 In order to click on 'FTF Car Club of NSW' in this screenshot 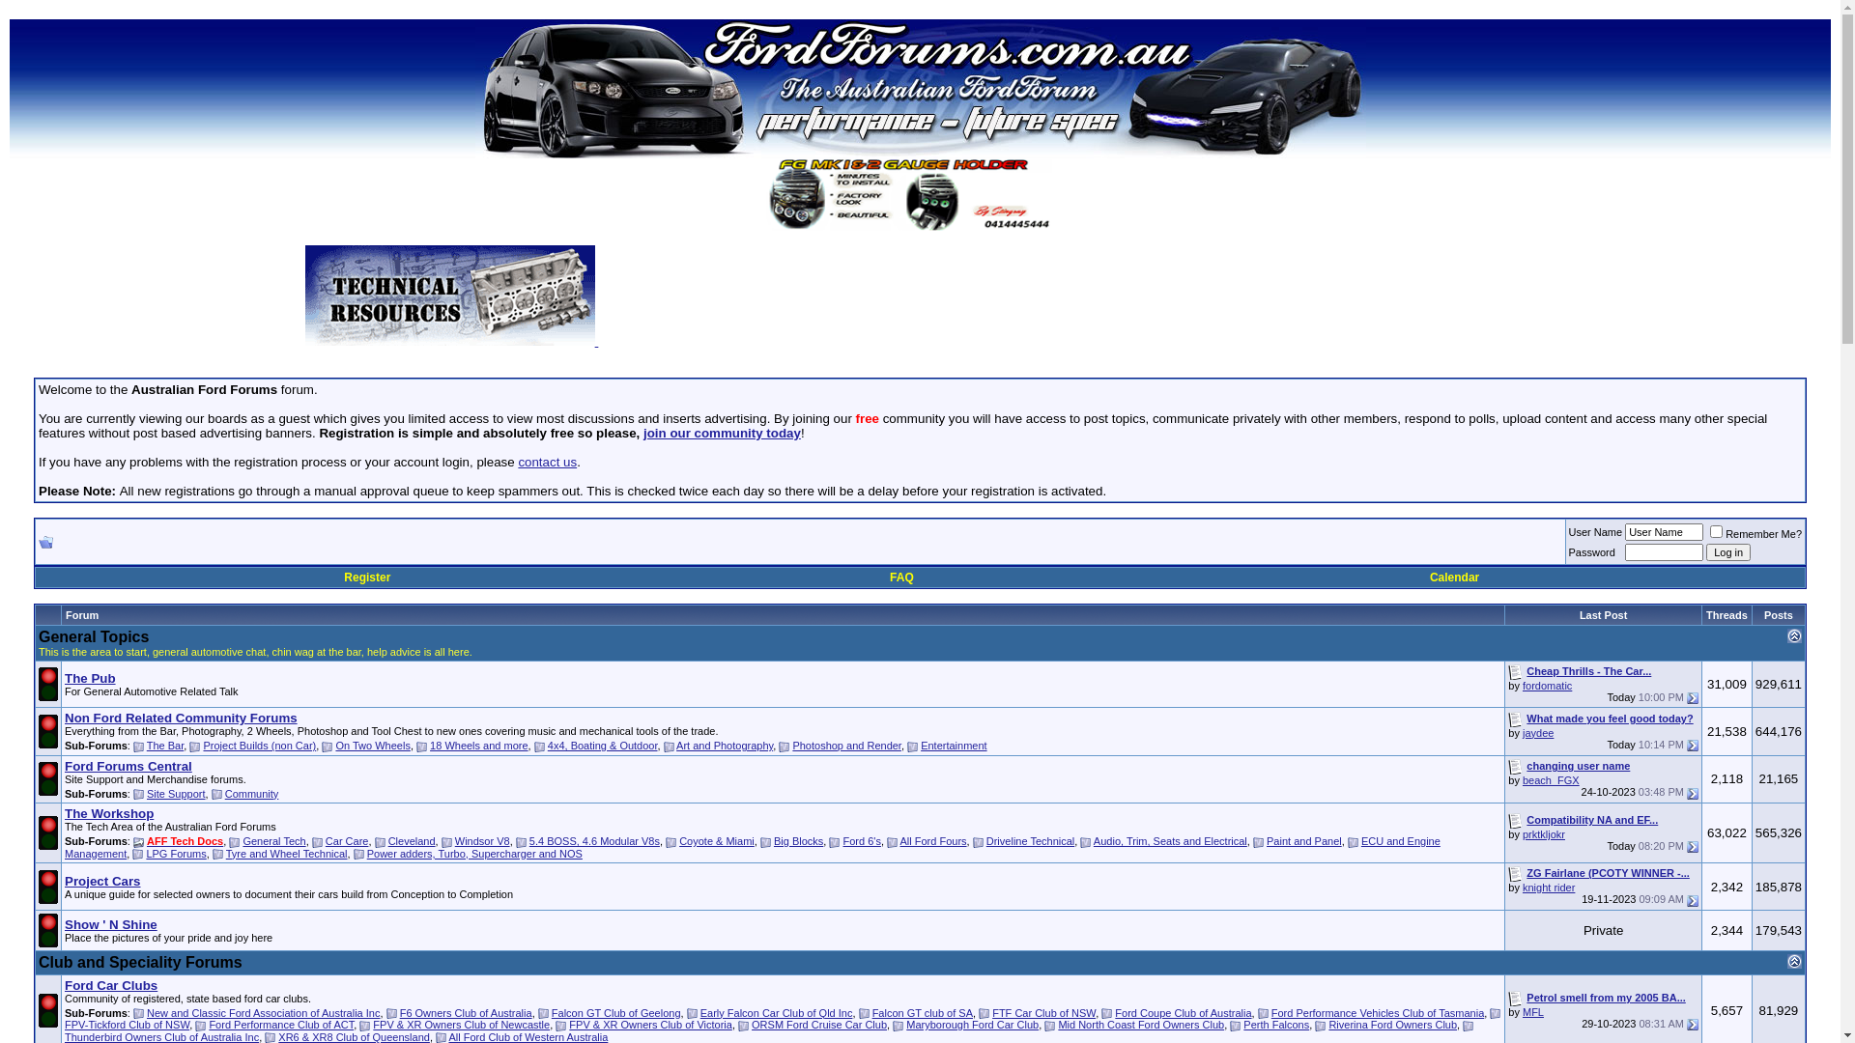, I will do `click(992, 1012)`.